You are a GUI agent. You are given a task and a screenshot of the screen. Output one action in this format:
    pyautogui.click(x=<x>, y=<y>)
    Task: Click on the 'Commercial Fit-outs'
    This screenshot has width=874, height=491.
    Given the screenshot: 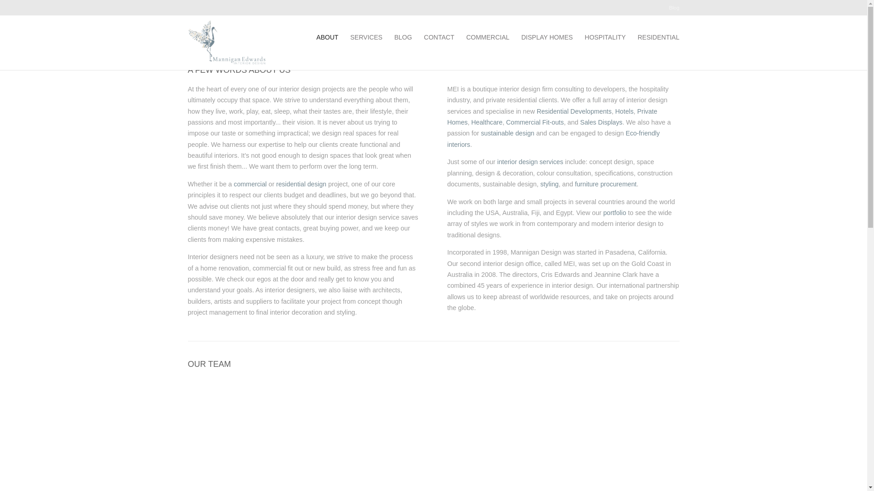 What is the action you would take?
    pyautogui.click(x=535, y=122)
    